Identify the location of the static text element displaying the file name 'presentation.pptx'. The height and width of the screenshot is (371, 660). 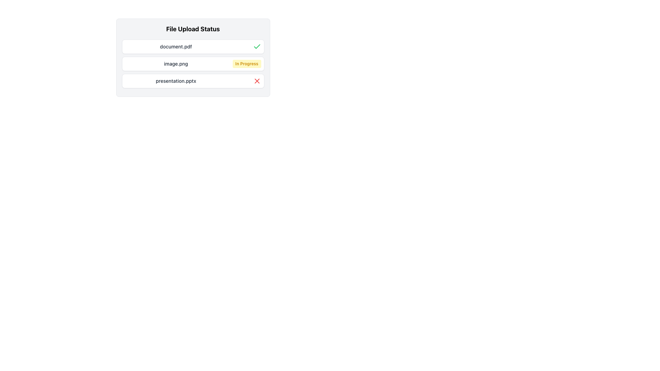
(176, 80).